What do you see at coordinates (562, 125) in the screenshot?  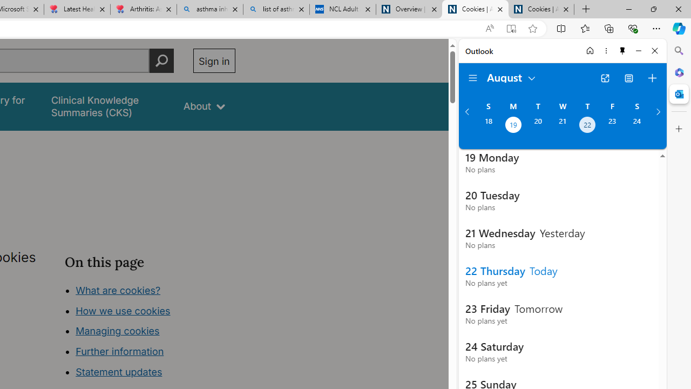 I see `'Wednesday, August 21, 2024. '` at bounding box center [562, 125].